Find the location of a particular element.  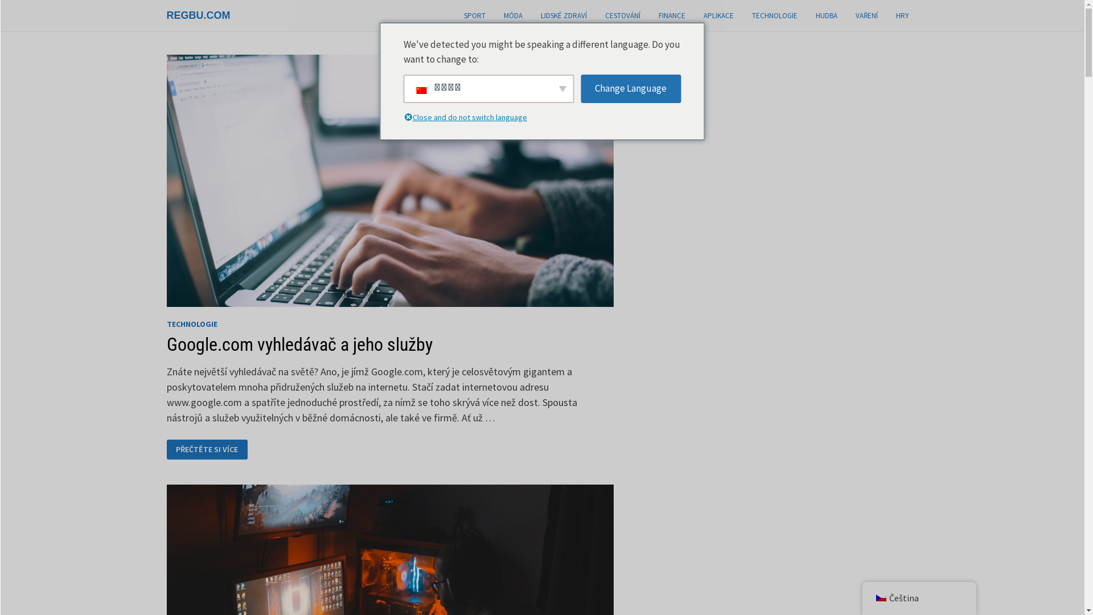

'APLIKACE' is located at coordinates (718, 15).